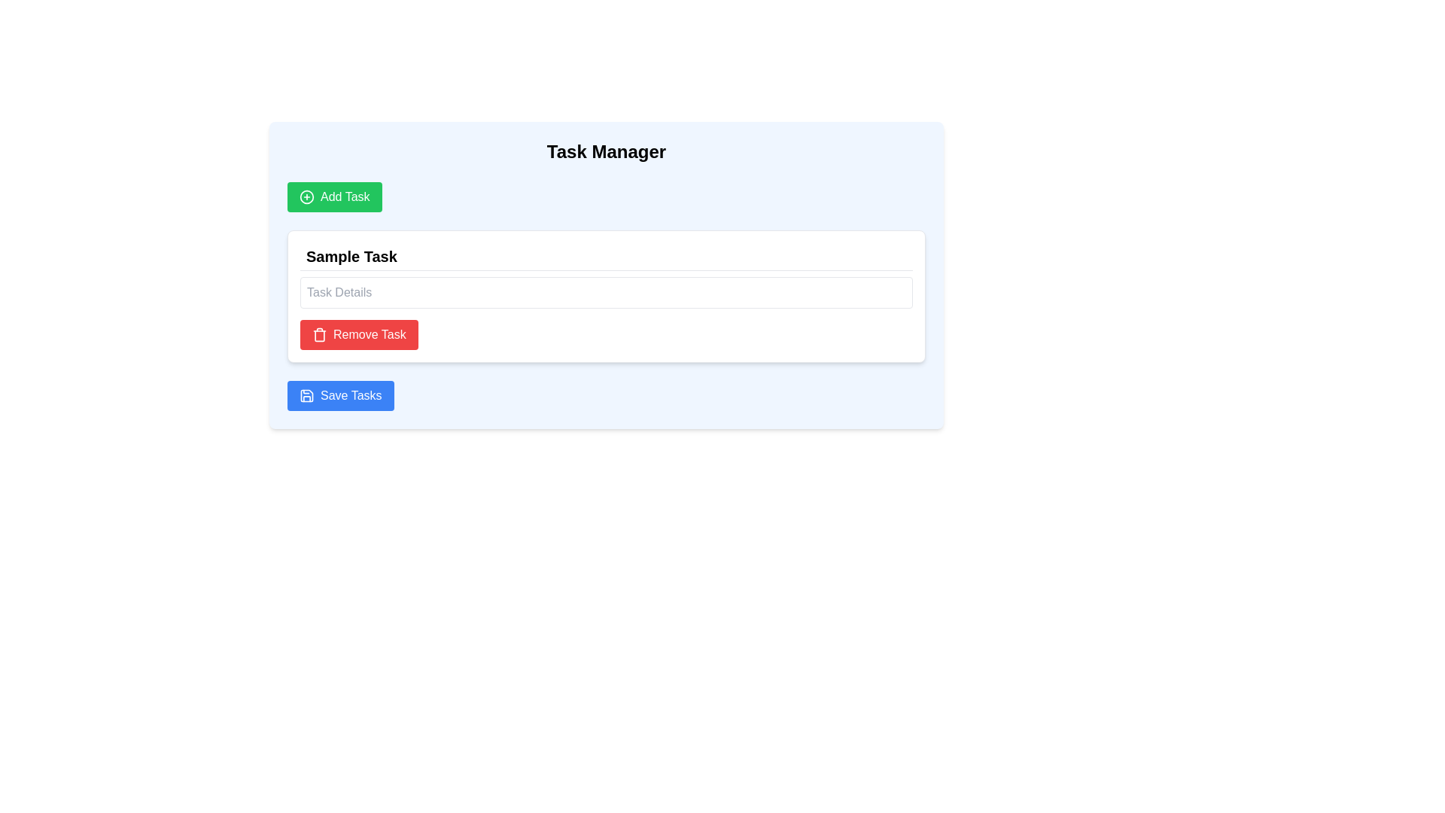 This screenshot has width=1445, height=813. Describe the element at coordinates (358, 333) in the screenshot. I see `the delete button located in the middle section of the view, just below the 'Task Title' and 'Task Details' input fields` at that location.